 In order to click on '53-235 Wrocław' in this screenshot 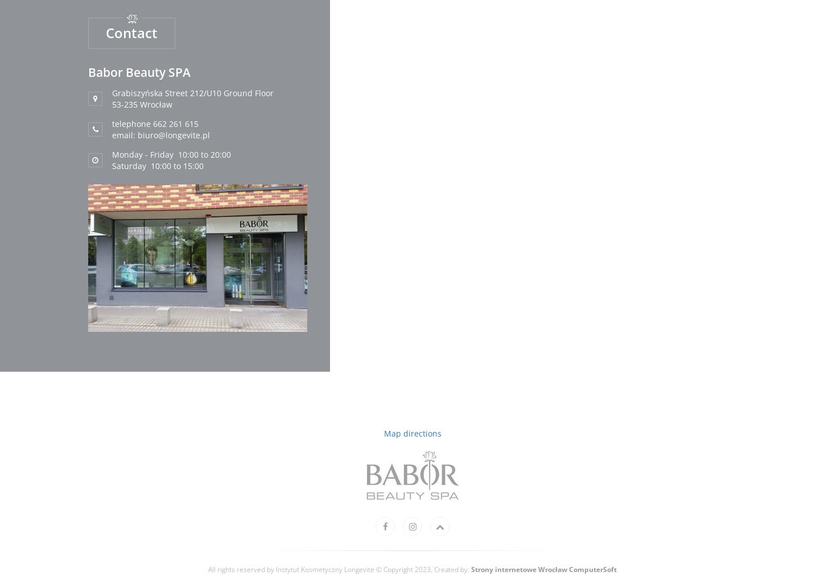, I will do `click(112, 103)`.